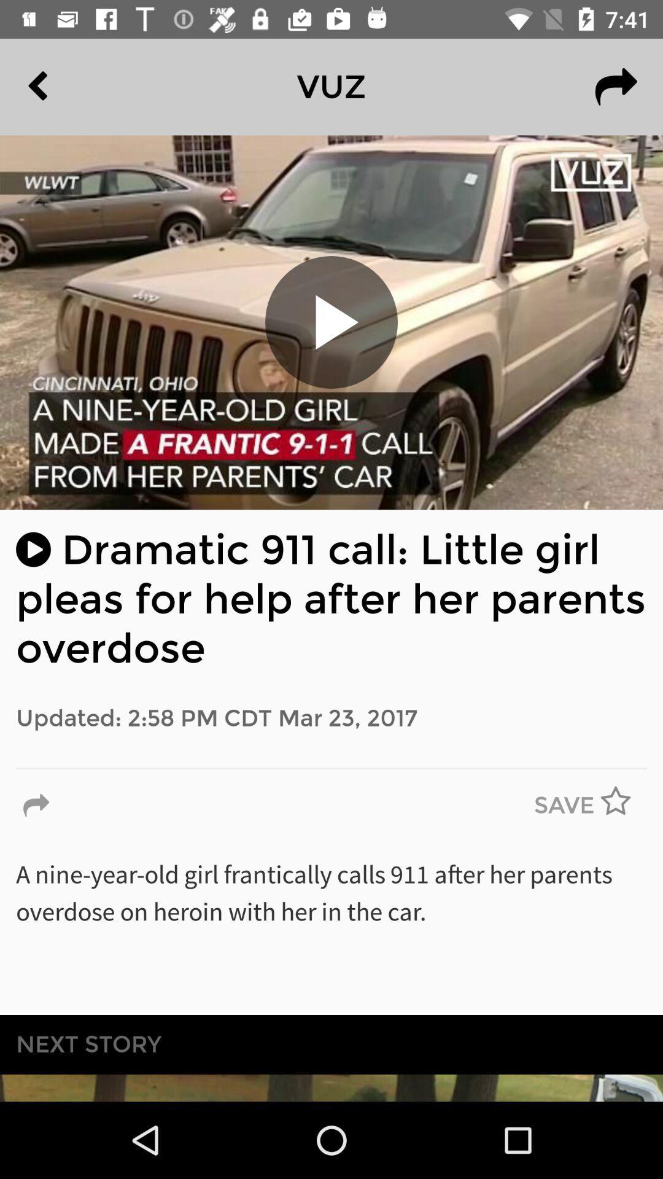 The width and height of the screenshot is (663, 1179). I want to click on icon above the a nine year item, so click(624, 806).